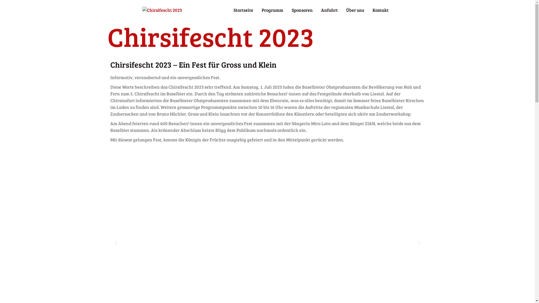 The width and height of the screenshot is (539, 303). Describe the element at coordinates (272, 10) in the screenshot. I see `'Programm'` at that location.